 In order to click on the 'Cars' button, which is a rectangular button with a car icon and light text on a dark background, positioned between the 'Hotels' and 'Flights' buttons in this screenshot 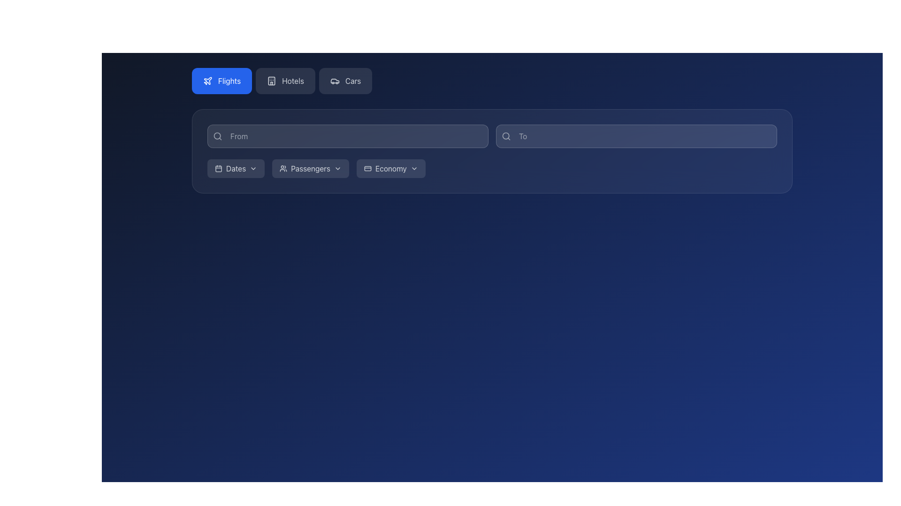, I will do `click(345, 81)`.